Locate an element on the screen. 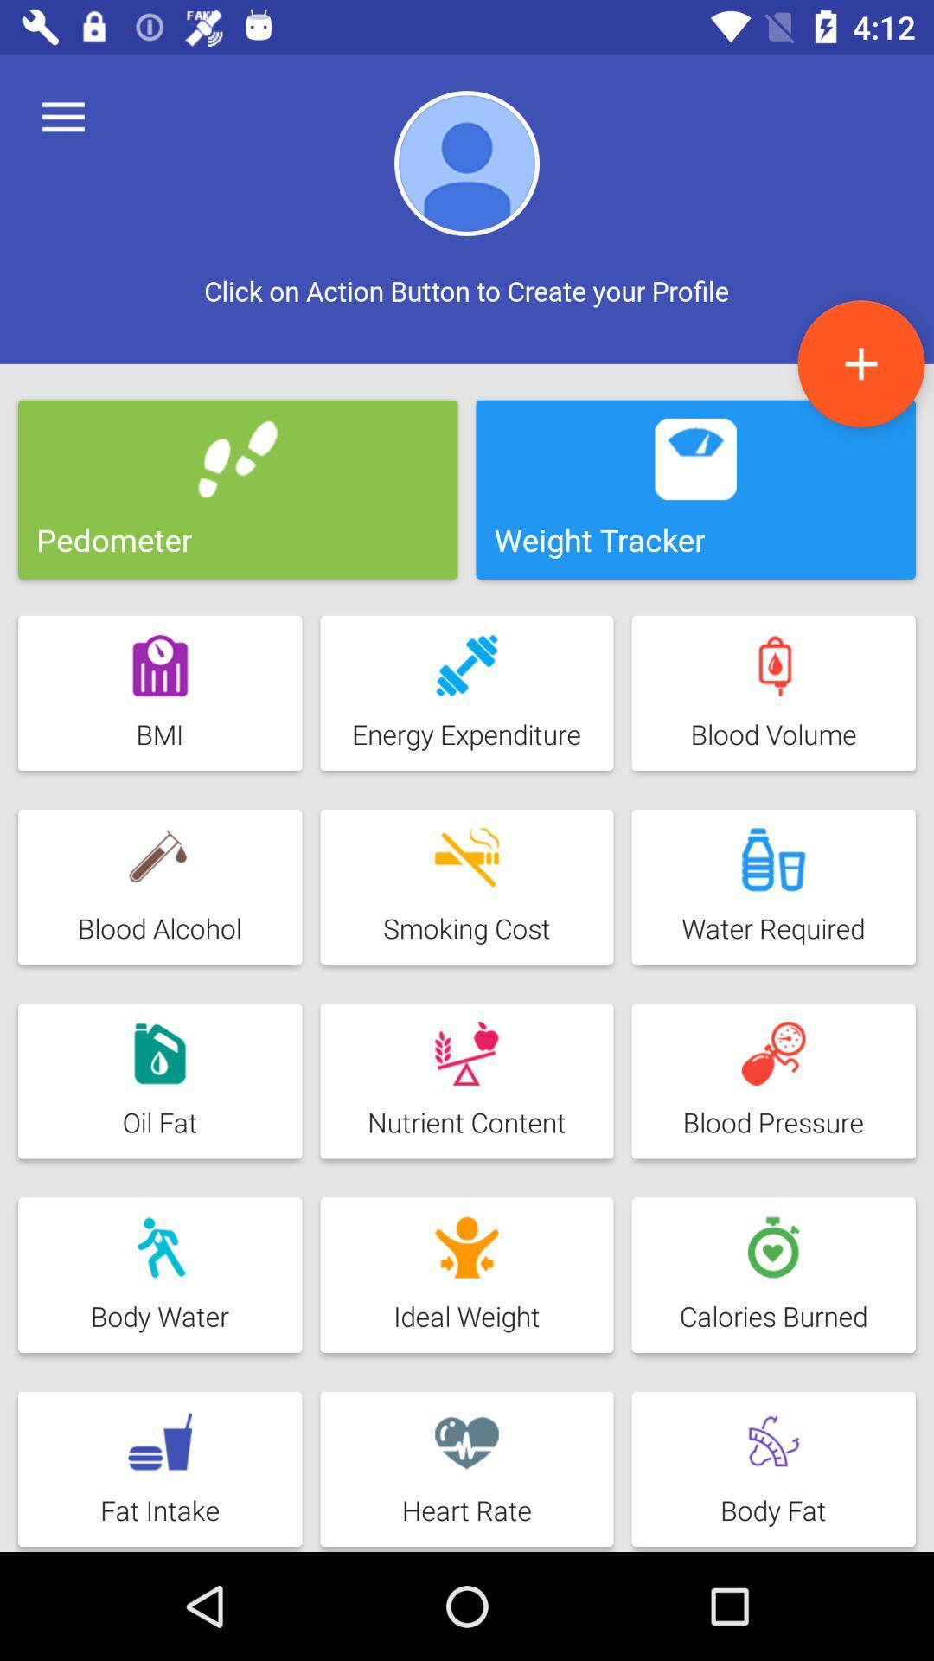 The height and width of the screenshot is (1661, 934). profile is located at coordinates (860, 362).